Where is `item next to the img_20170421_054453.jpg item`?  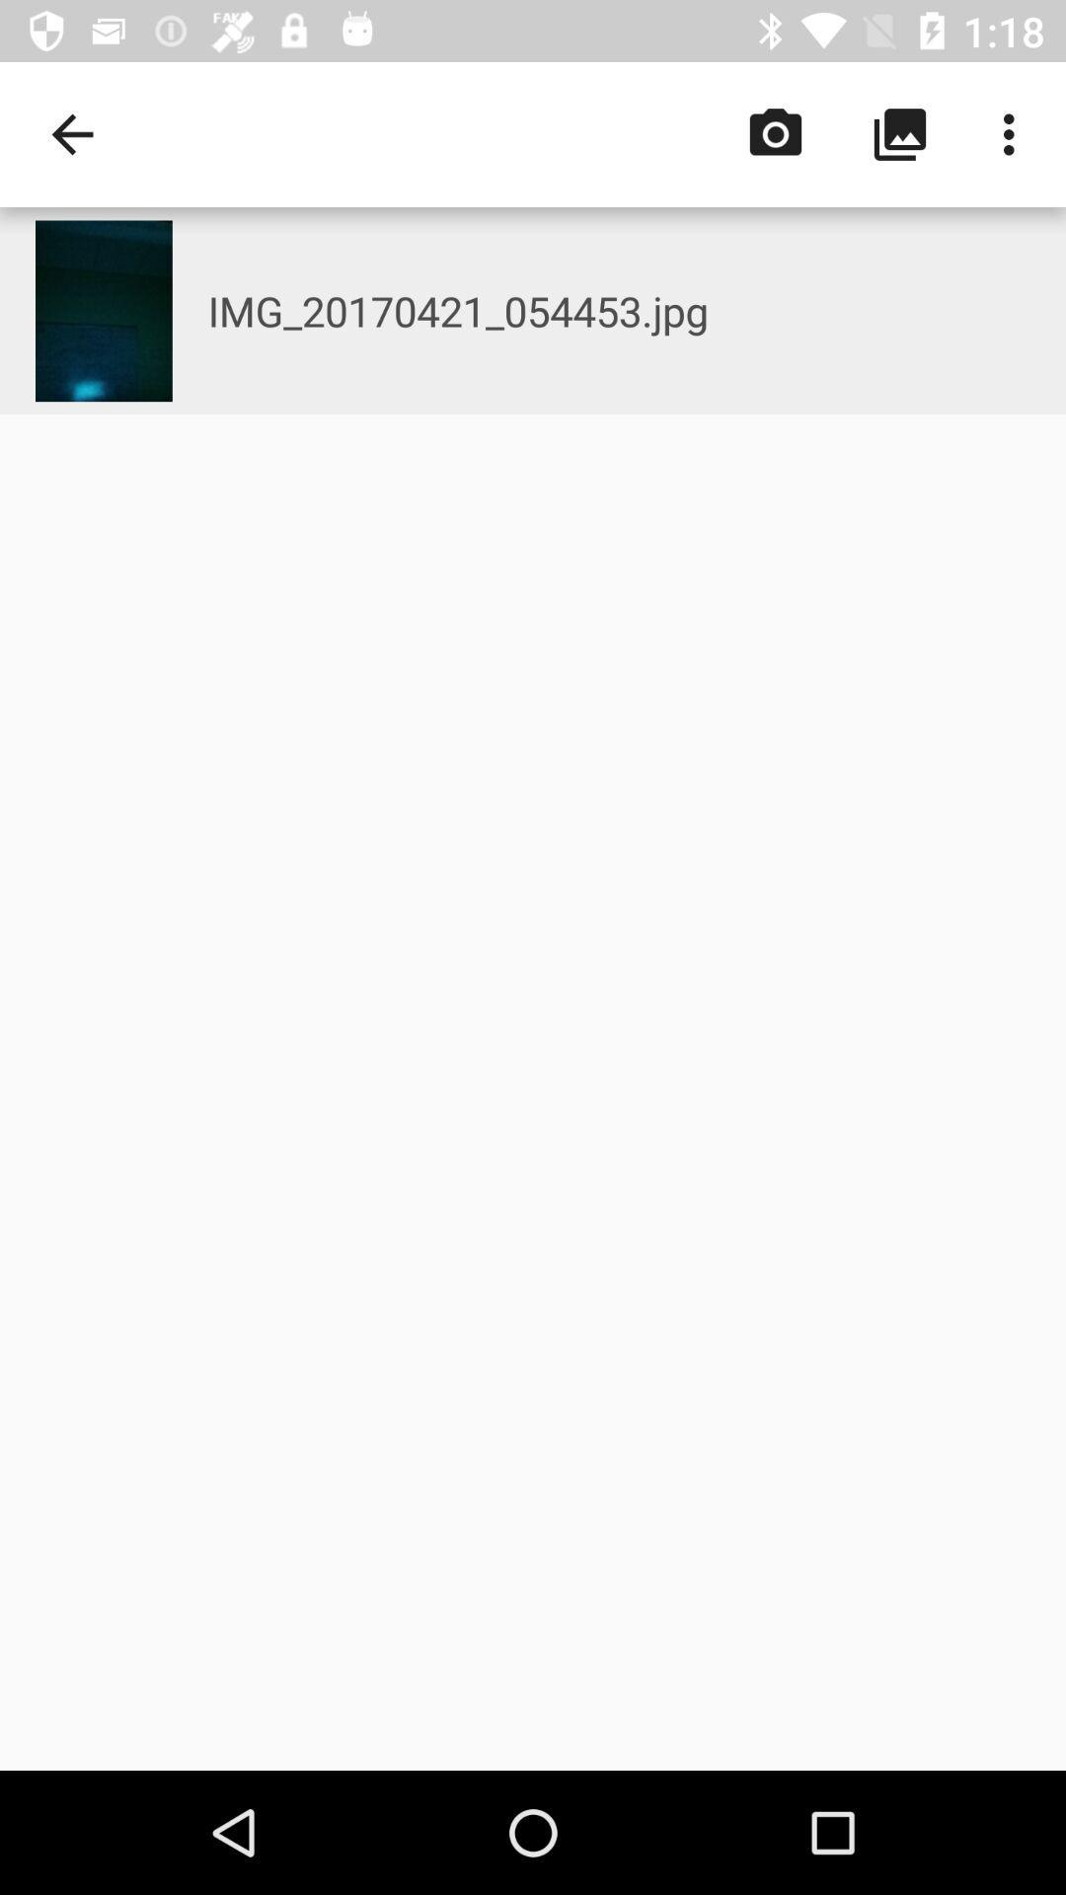
item next to the img_20170421_054453.jpg item is located at coordinates (71, 133).